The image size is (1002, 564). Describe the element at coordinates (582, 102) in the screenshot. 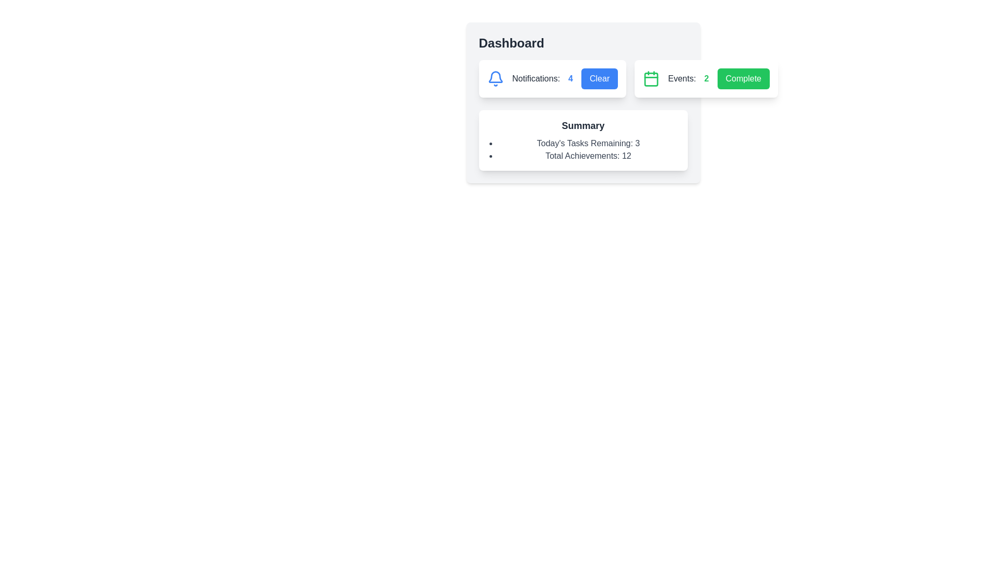

I see `the Dashboard Panel which displays notification count, event count, and a summary of tasks remaining and achievements` at that location.